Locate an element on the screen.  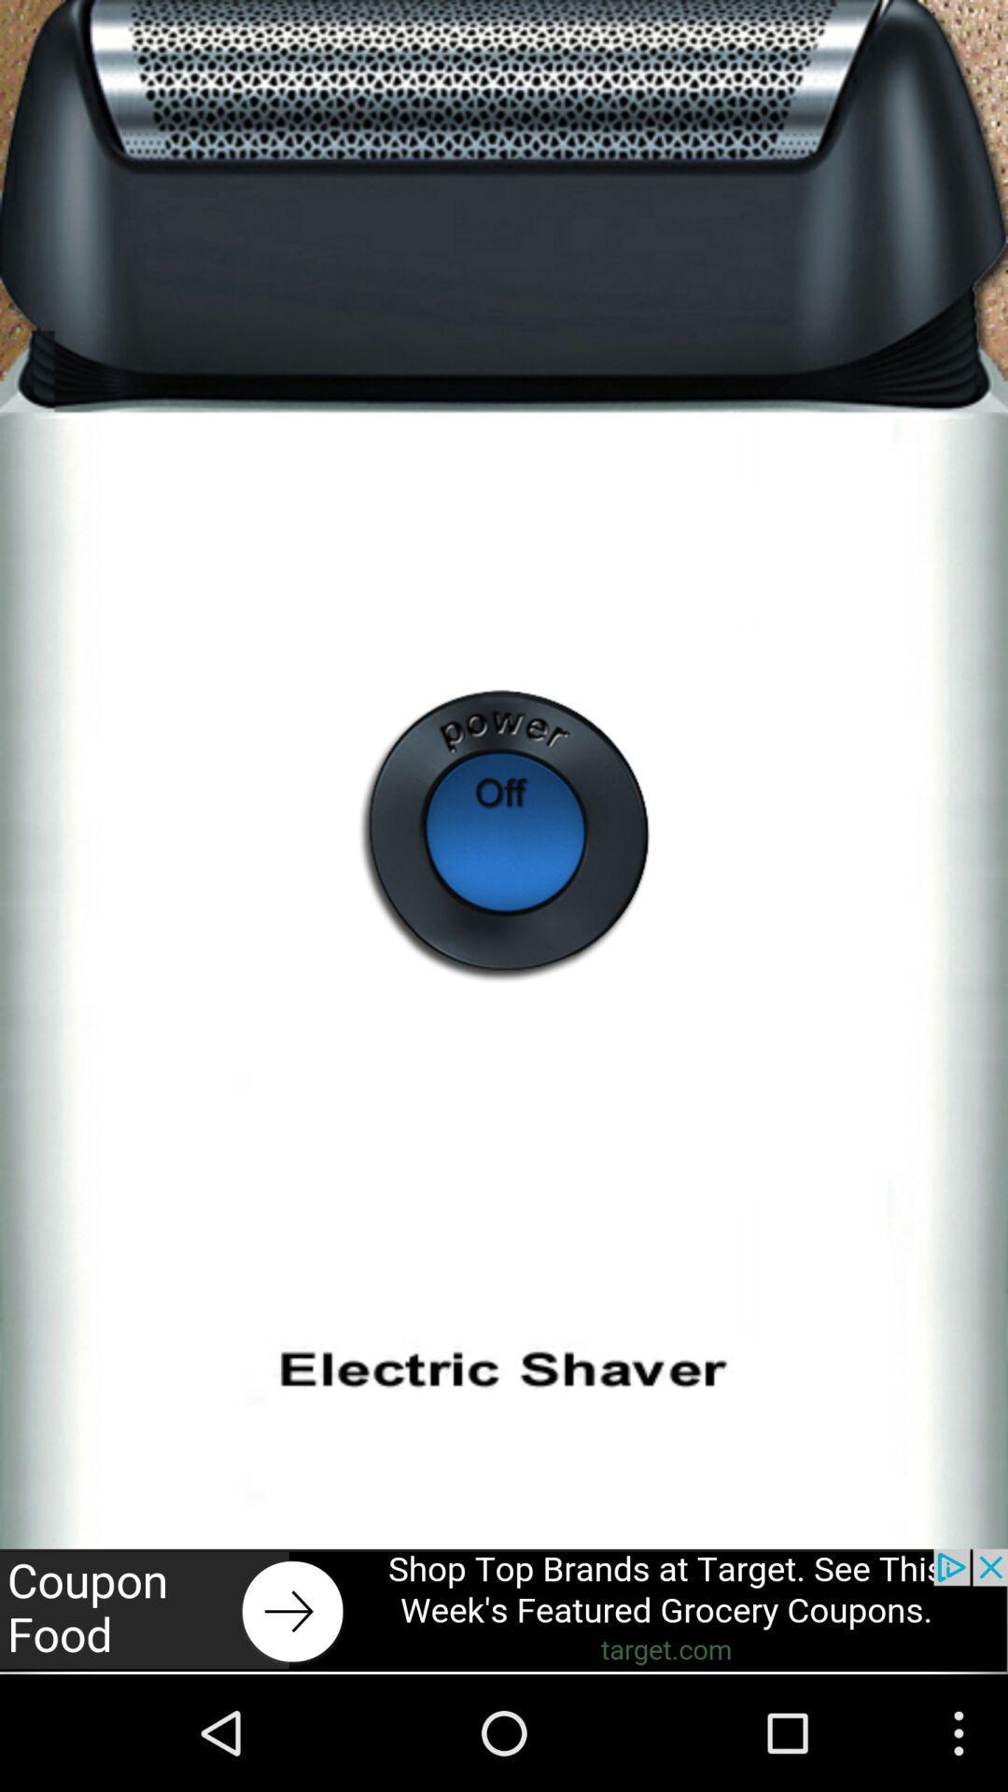
power is located at coordinates (504, 836).